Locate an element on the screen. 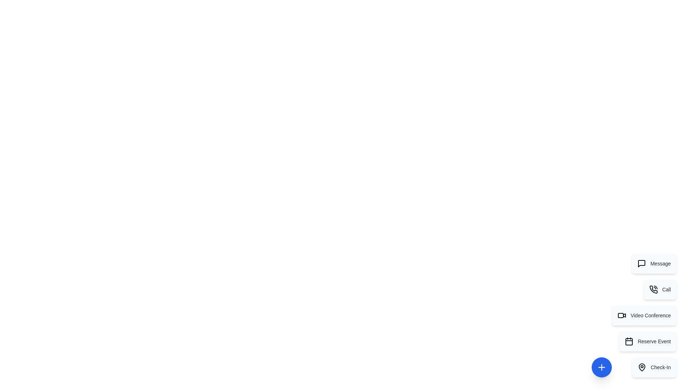 This screenshot has height=389, width=691. the action item labeled Video Conference is located at coordinates (644, 315).